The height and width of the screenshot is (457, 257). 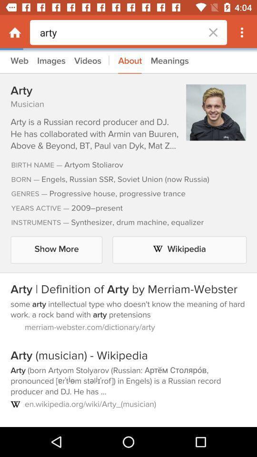 What do you see at coordinates (14, 32) in the screenshot?
I see `menu page` at bounding box center [14, 32].